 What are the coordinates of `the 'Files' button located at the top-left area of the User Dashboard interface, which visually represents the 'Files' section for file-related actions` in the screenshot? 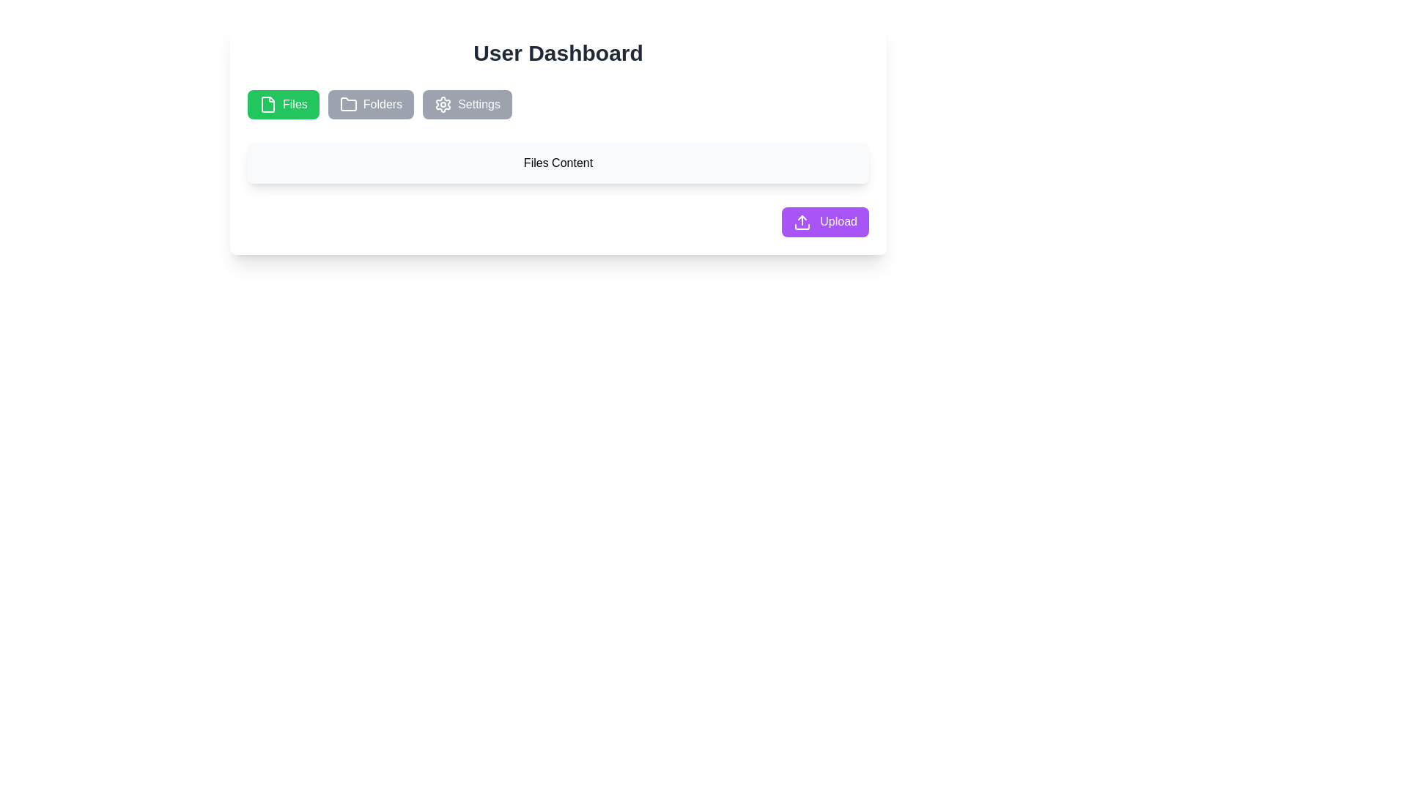 It's located at (267, 103).